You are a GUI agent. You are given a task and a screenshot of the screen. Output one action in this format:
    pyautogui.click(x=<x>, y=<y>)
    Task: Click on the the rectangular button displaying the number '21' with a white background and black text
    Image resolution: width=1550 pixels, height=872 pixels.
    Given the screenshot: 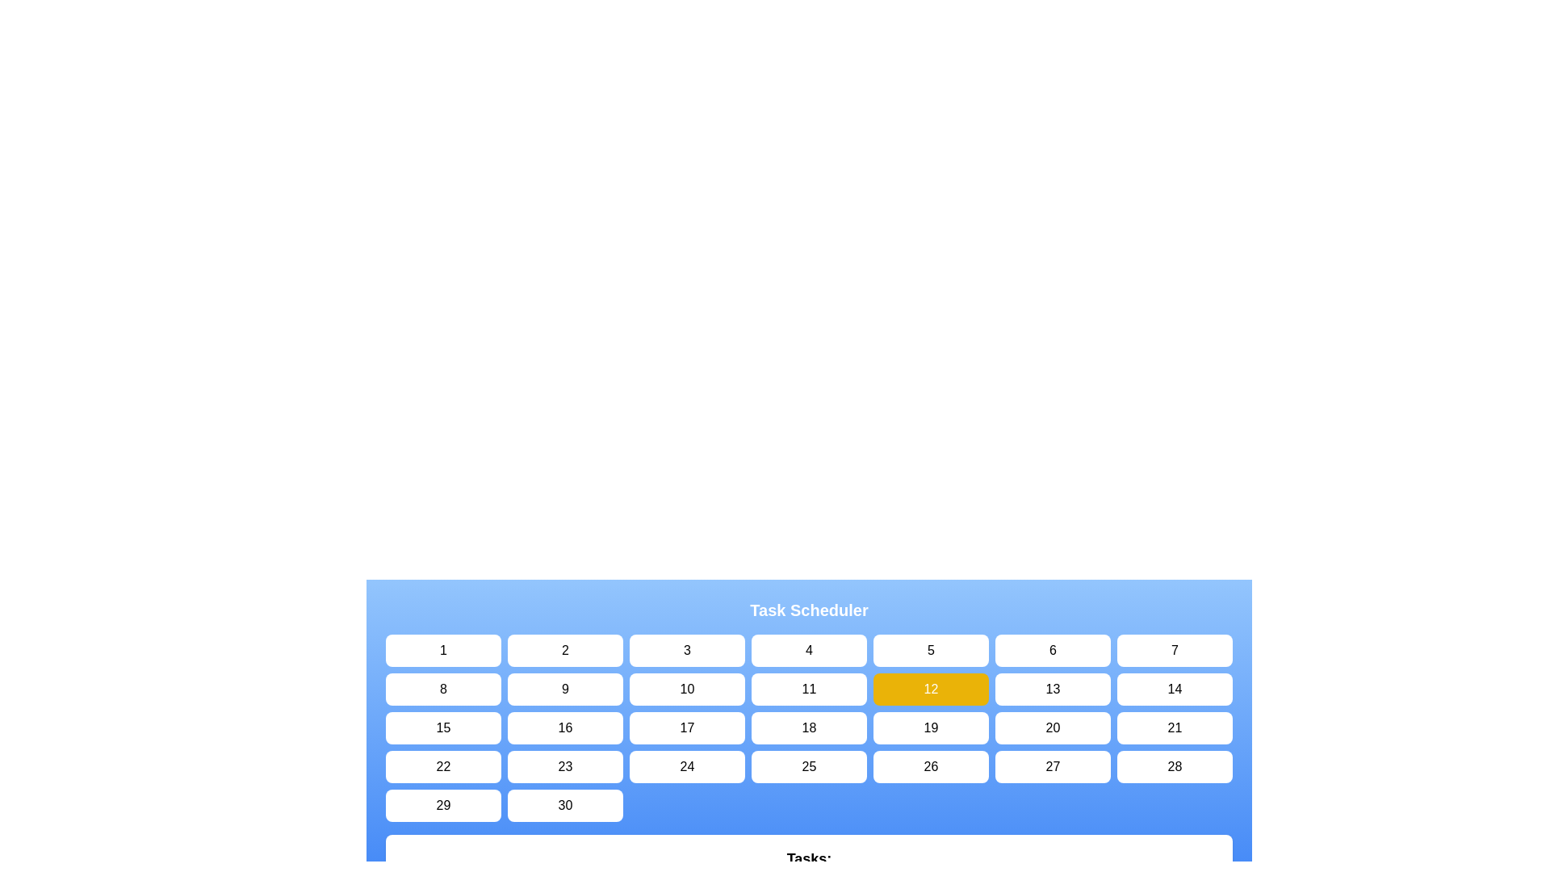 What is the action you would take?
    pyautogui.click(x=1175, y=728)
    